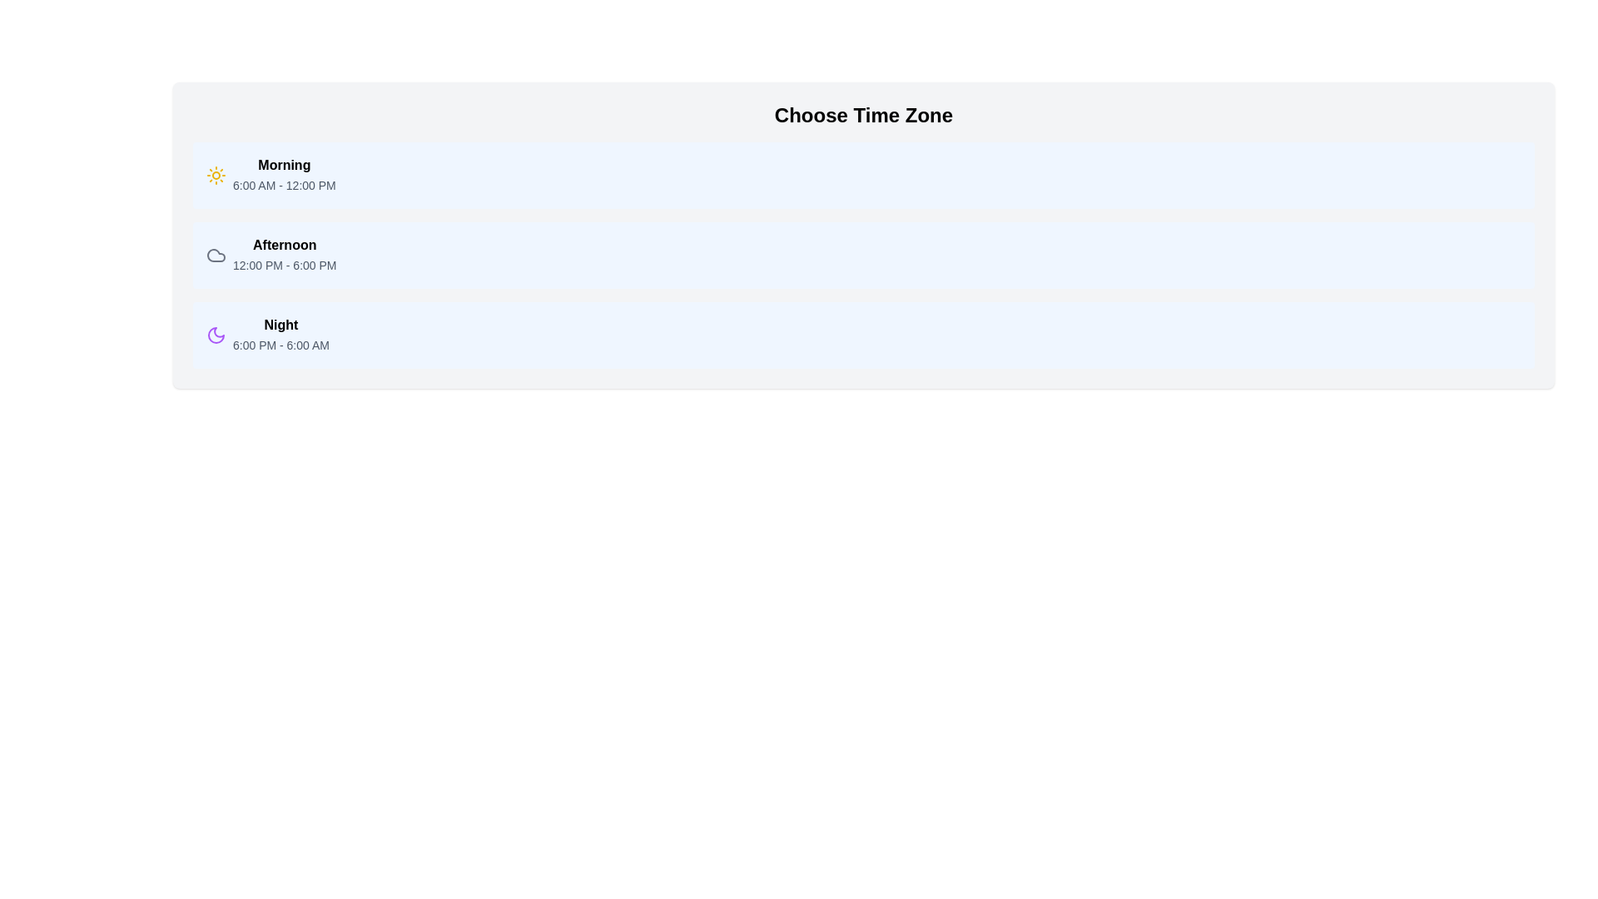 Image resolution: width=1598 pixels, height=899 pixels. I want to click on the text label displaying 'Night', which is styled in bold font and located under the heading 'Choose Time Zone', aligned with a moon icon to its left, so click(280, 325).